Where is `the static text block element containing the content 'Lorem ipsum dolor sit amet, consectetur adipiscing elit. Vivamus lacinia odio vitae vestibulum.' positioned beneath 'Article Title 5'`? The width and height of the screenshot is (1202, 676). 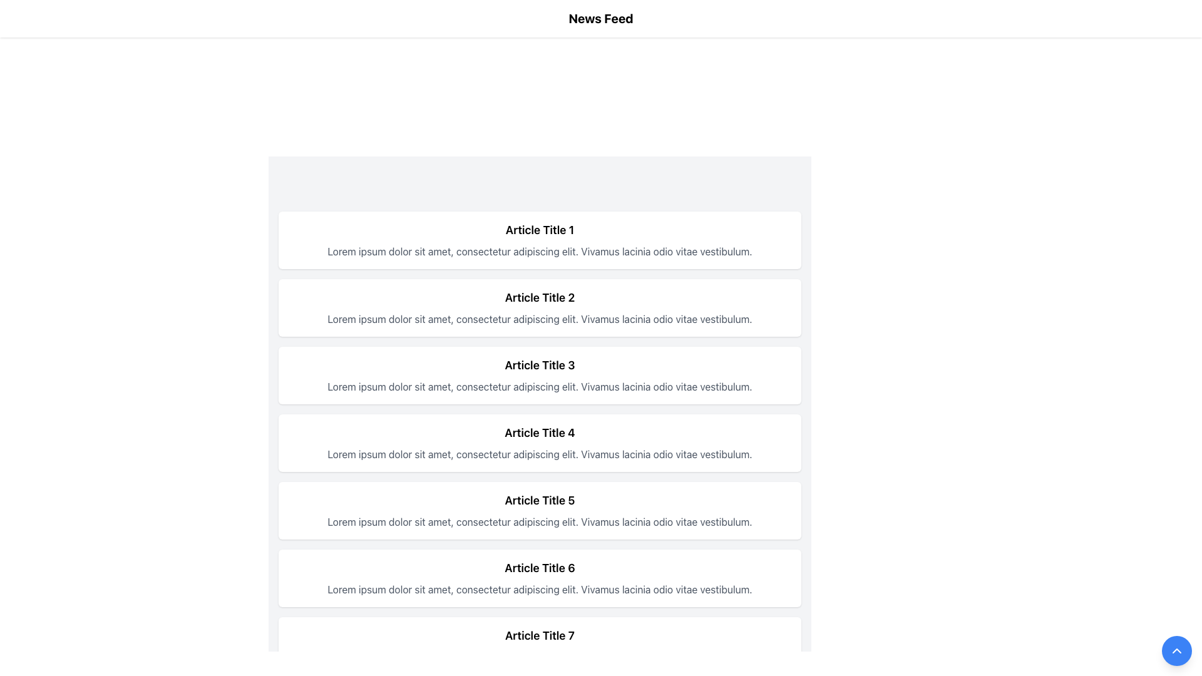
the static text block element containing the content 'Lorem ipsum dolor sit amet, consectetur adipiscing elit. Vivamus lacinia odio vitae vestibulum.' positioned beneath 'Article Title 5' is located at coordinates (540, 521).